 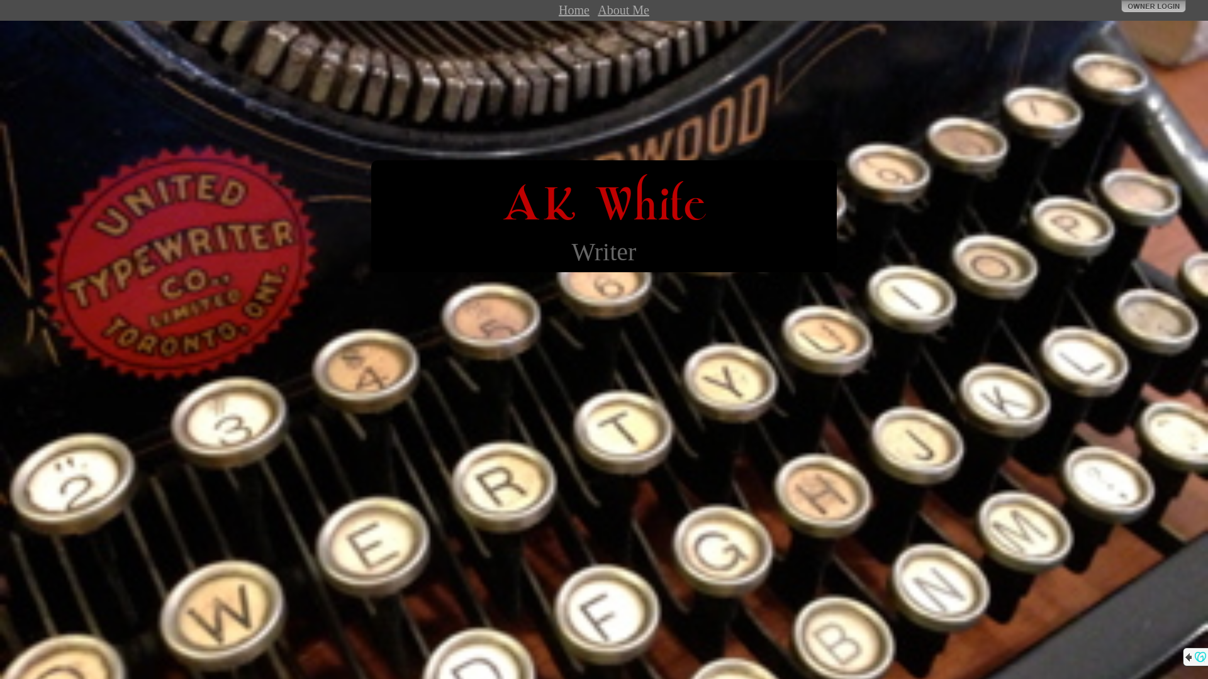 I want to click on 'About Me', so click(x=597, y=9).